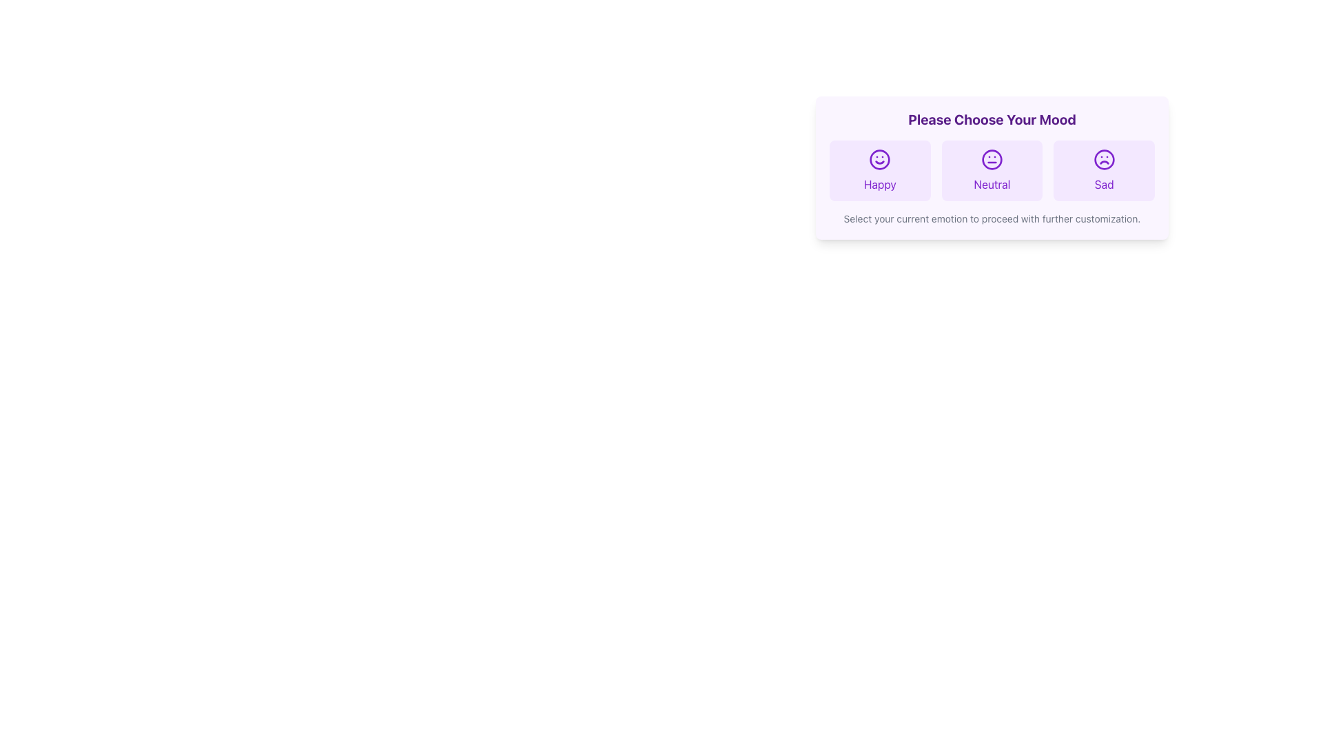 The height and width of the screenshot is (744, 1323). What do you see at coordinates (992, 169) in the screenshot?
I see `the second card styled in light purple with a neutral facial expression icon and the text 'Neutral'` at bounding box center [992, 169].